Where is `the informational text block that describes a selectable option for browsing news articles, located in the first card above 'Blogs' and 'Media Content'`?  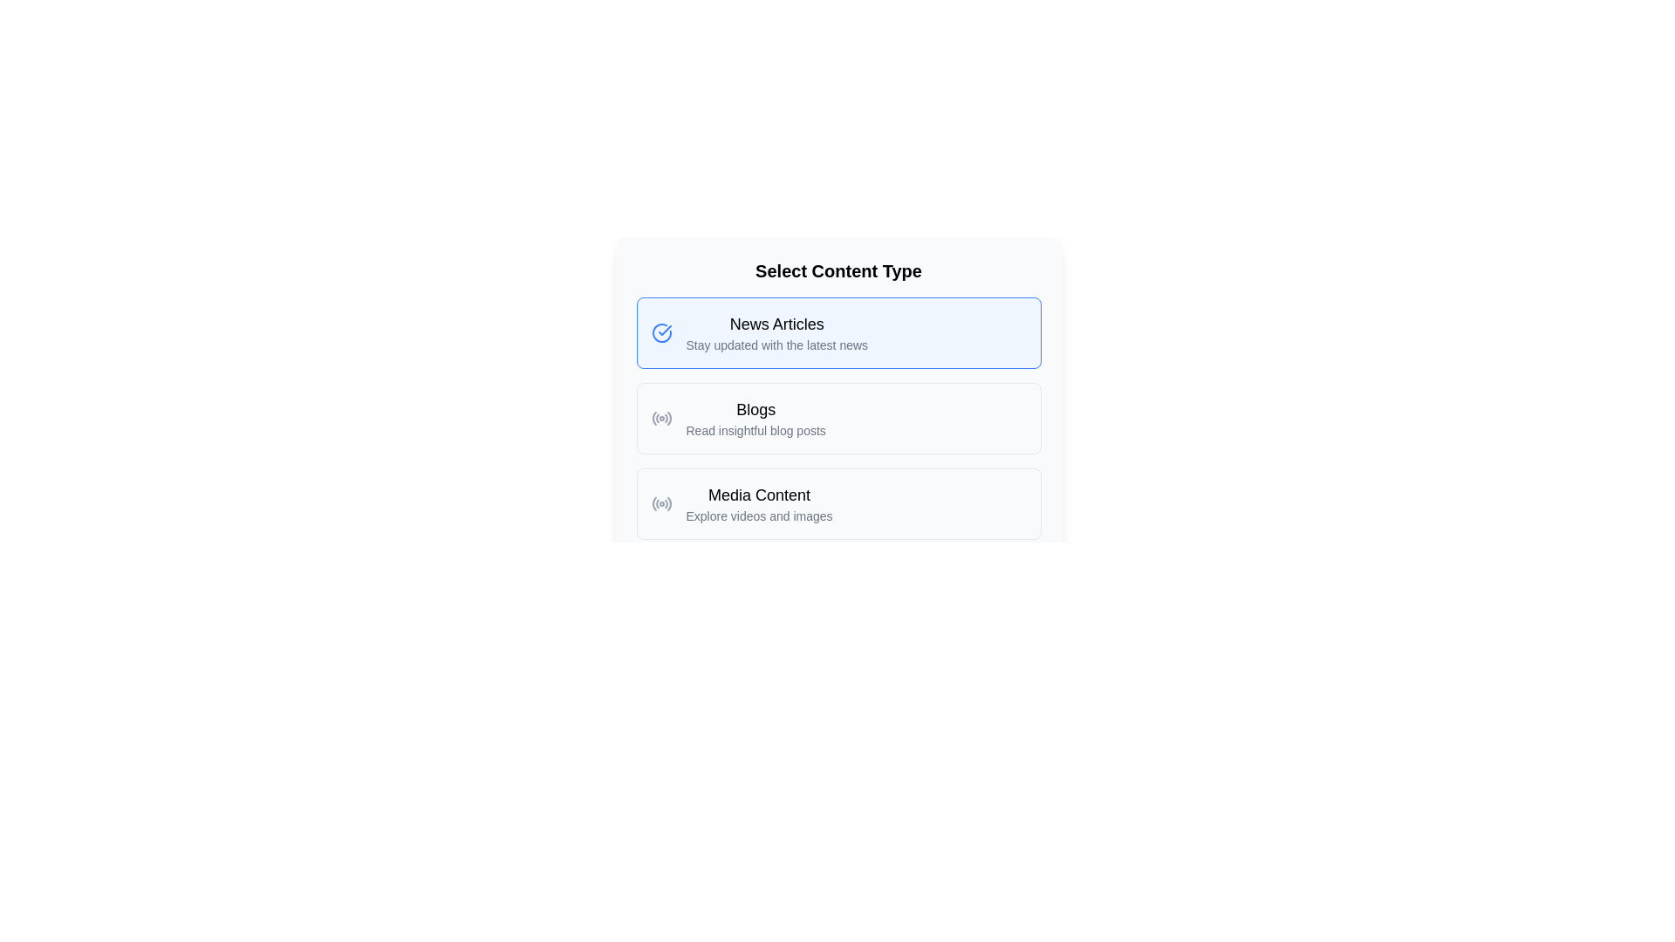
the informational text block that describes a selectable option for browsing news articles, located in the first card above 'Blogs' and 'Media Content' is located at coordinates (776, 332).